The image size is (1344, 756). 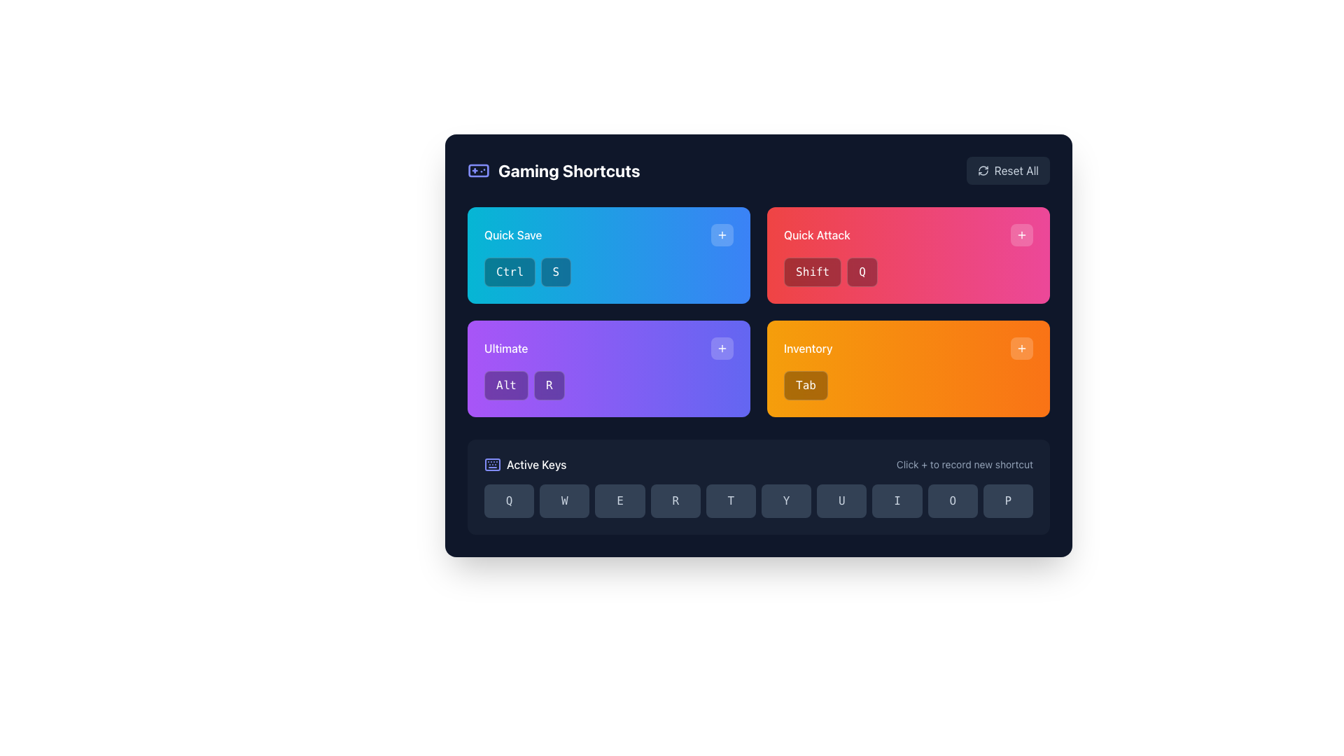 What do you see at coordinates (619, 500) in the screenshot?
I see `the 'E' button, which is the third button in a row of ten buttons under the 'Active Keys' label, positioned between the 'W' and 'R' buttons` at bounding box center [619, 500].